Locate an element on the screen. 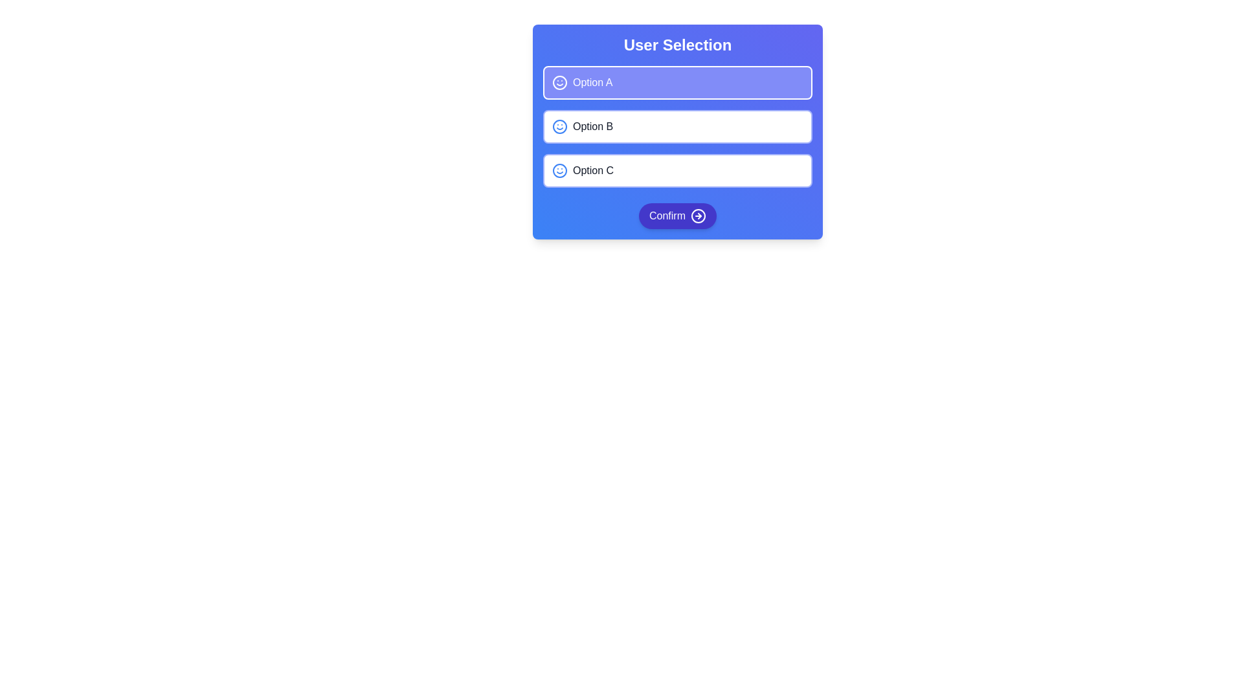  the selectable option for 'Option B' to indicate the user's selection from a vertically stacked group of options is located at coordinates (677, 127).